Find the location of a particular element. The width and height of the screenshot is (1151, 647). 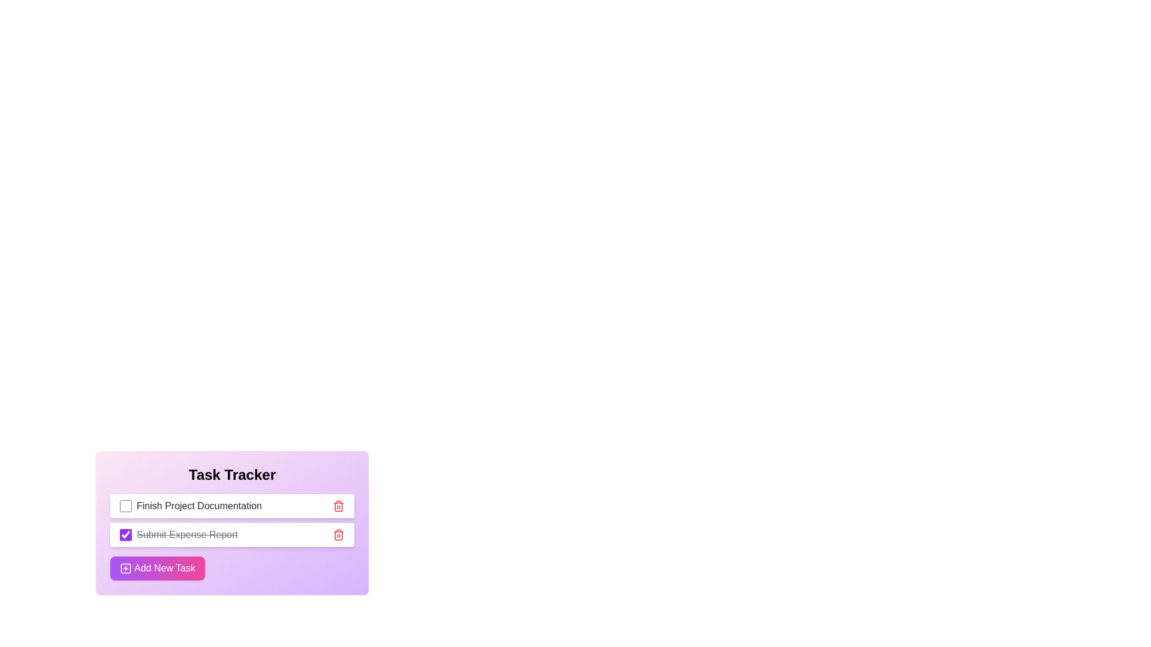

the purple checkbox on the 'Submit Expense Report' task entry is located at coordinates (232, 534).